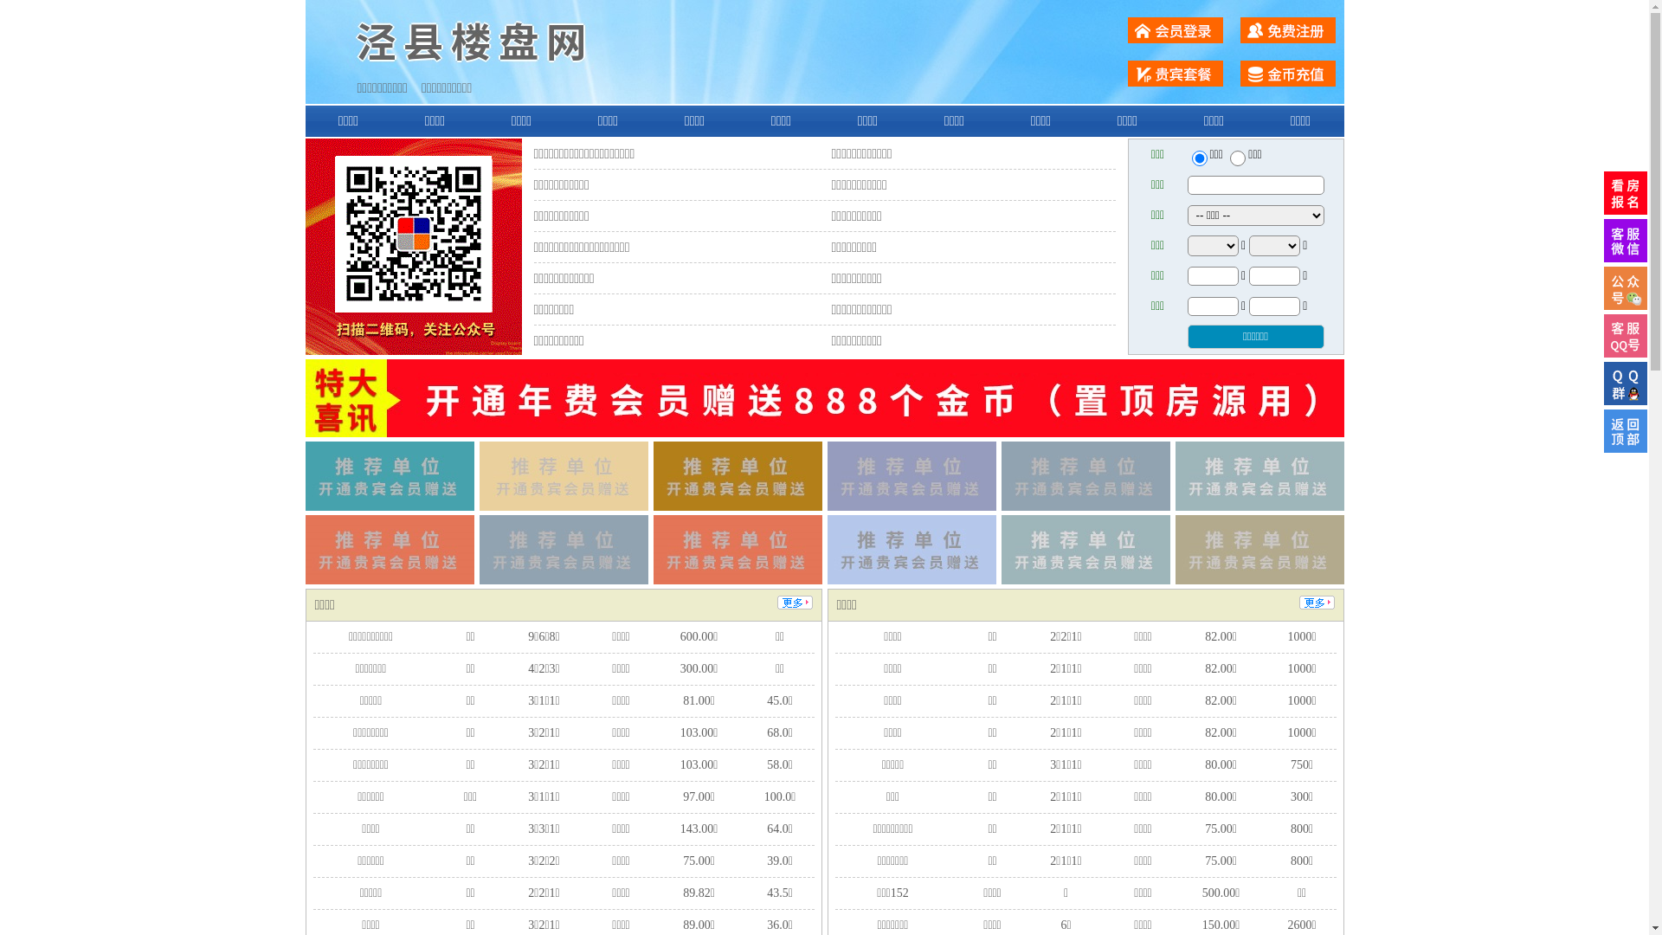  What do you see at coordinates (1228, 158) in the screenshot?
I see `'chuzu'` at bounding box center [1228, 158].